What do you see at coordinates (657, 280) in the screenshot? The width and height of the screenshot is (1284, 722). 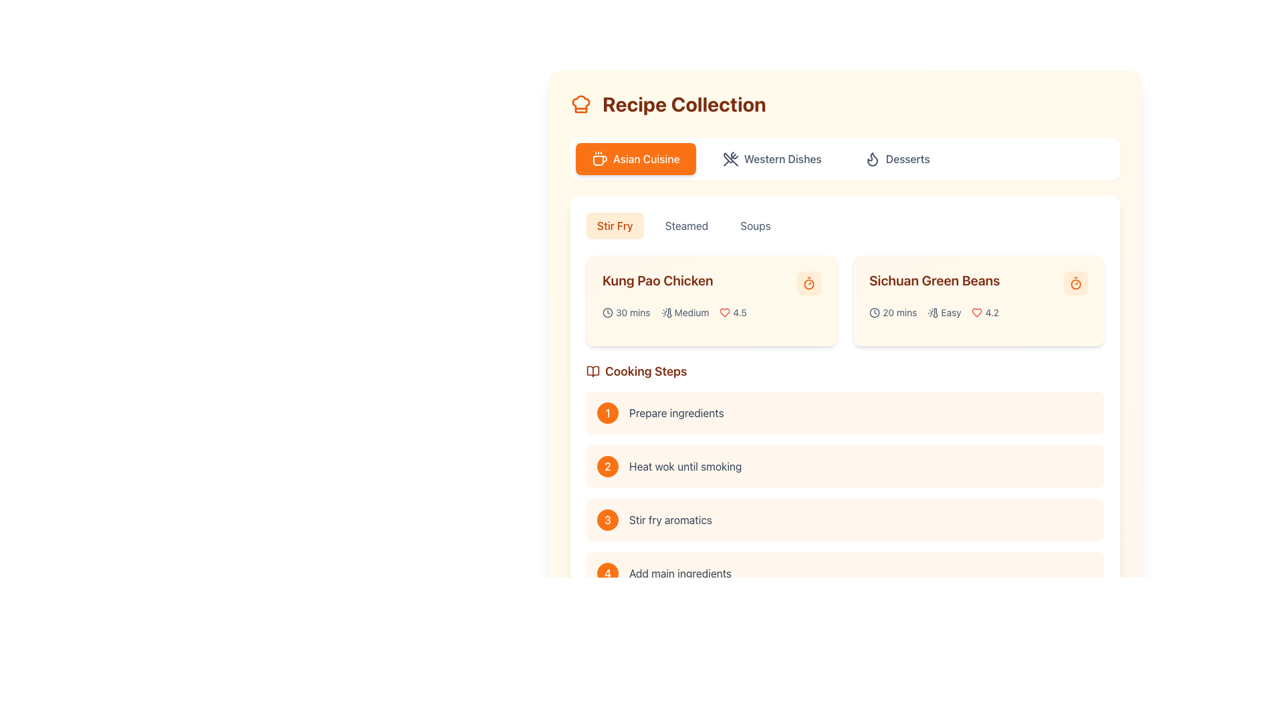 I see `the text label displaying 'Kung Pao Chicken' in a bold orange-brown font, which is prominently positioned within the card-like structure for the recipe` at bounding box center [657, 280].